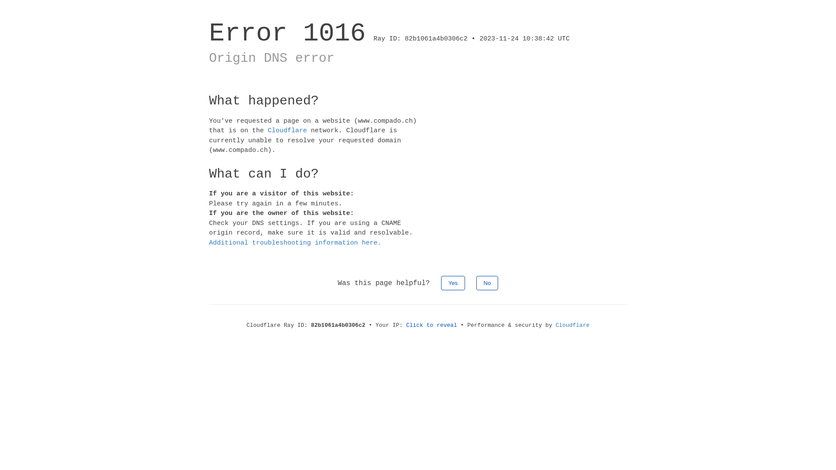  Describe the element at coordinates (487, 283) in the screenshot. I see `'No'` at that location.